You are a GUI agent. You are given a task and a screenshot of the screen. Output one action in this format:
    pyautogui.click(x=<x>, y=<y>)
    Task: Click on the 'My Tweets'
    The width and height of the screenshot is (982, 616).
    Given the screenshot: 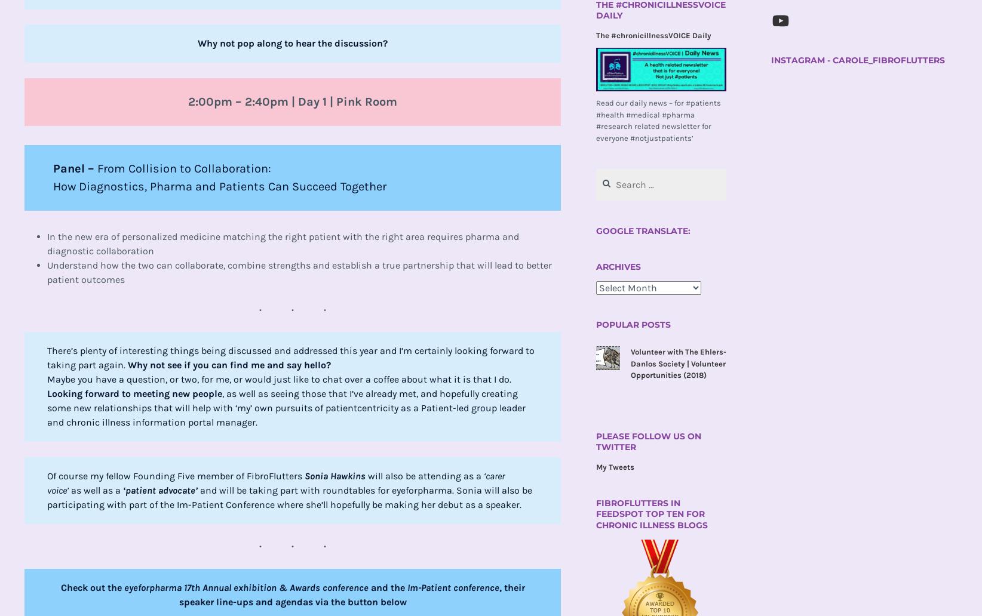 What is the action you would take?
    pyautogui.click(x=614, y=467)
    